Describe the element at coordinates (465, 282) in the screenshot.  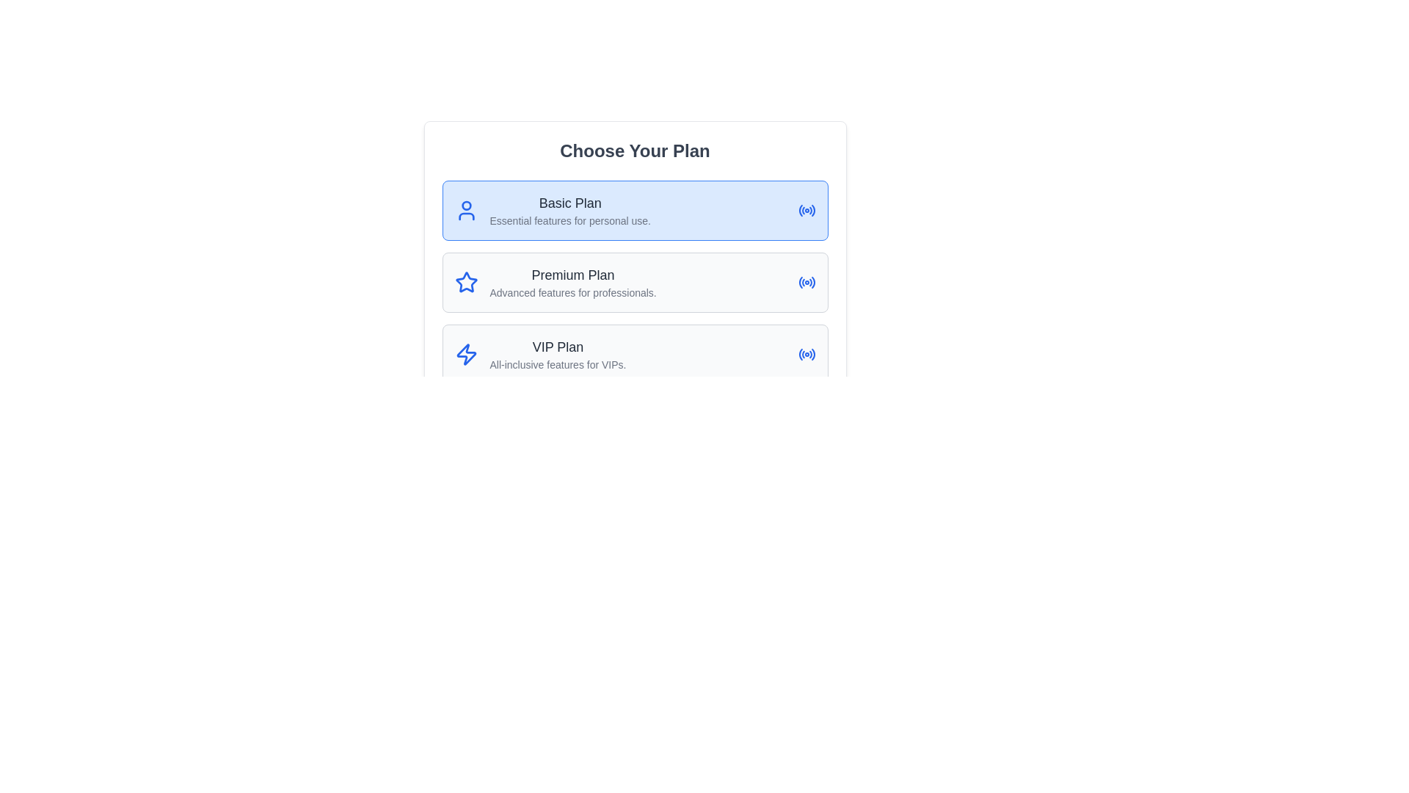
I see `the star icon with a blue stroke color located in the 'Premium Plan' option of the 'Choose Your Plan' interface` at that location.